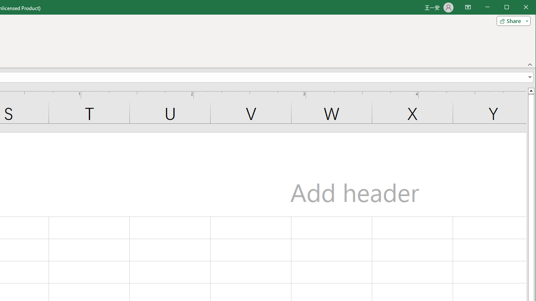 The height and width of the screenshot is (301, 536). Describe the element at coordinates (530, 64) in the screenshot. I see `'Collapse the Ribbon'` at that location.